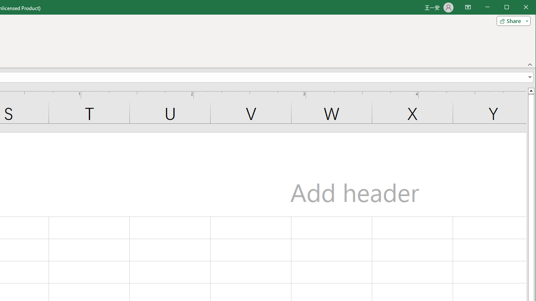 The height and width of the screenshot is (301, 536). Describe the element at coordinates (530, 64) in the screenshot. I see `'Collapse the Ribbon'` at that location.